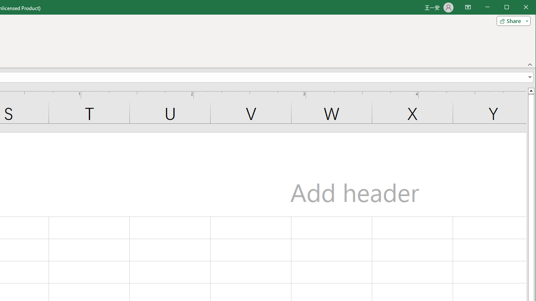 The height and width of the screenshot is (301, 536). Describe the element at coordinates (530, 64) in the screenshot. I see `'Collapse the Ribbon'` at that location.